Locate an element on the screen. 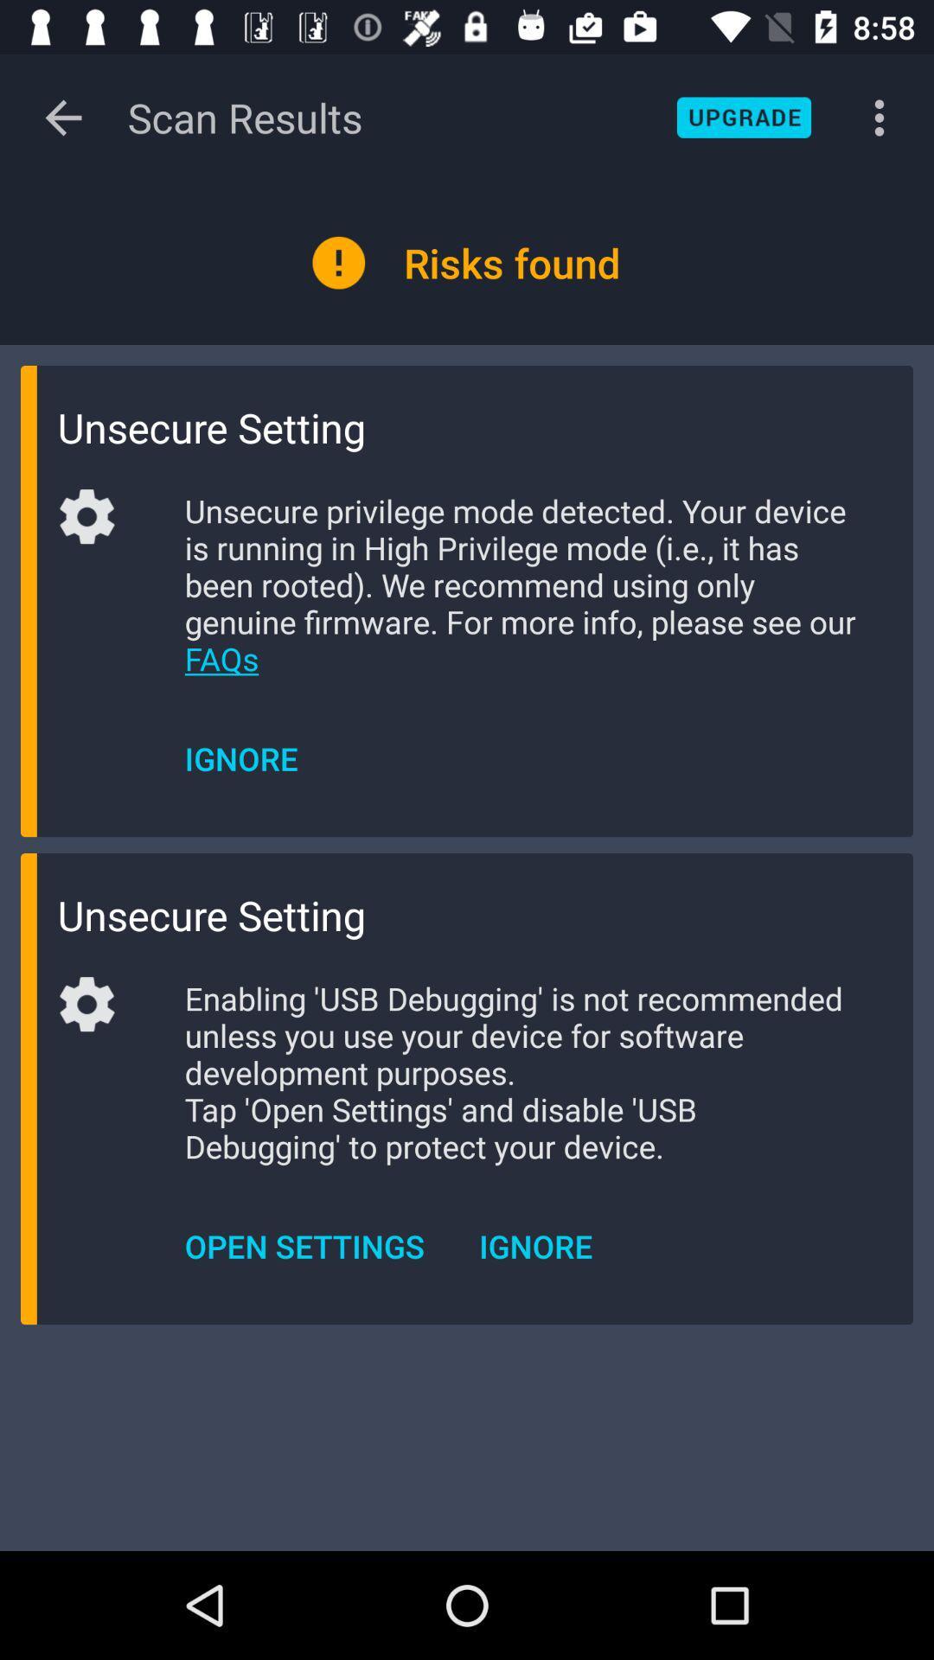  go back is located at coordinates (62, 117).